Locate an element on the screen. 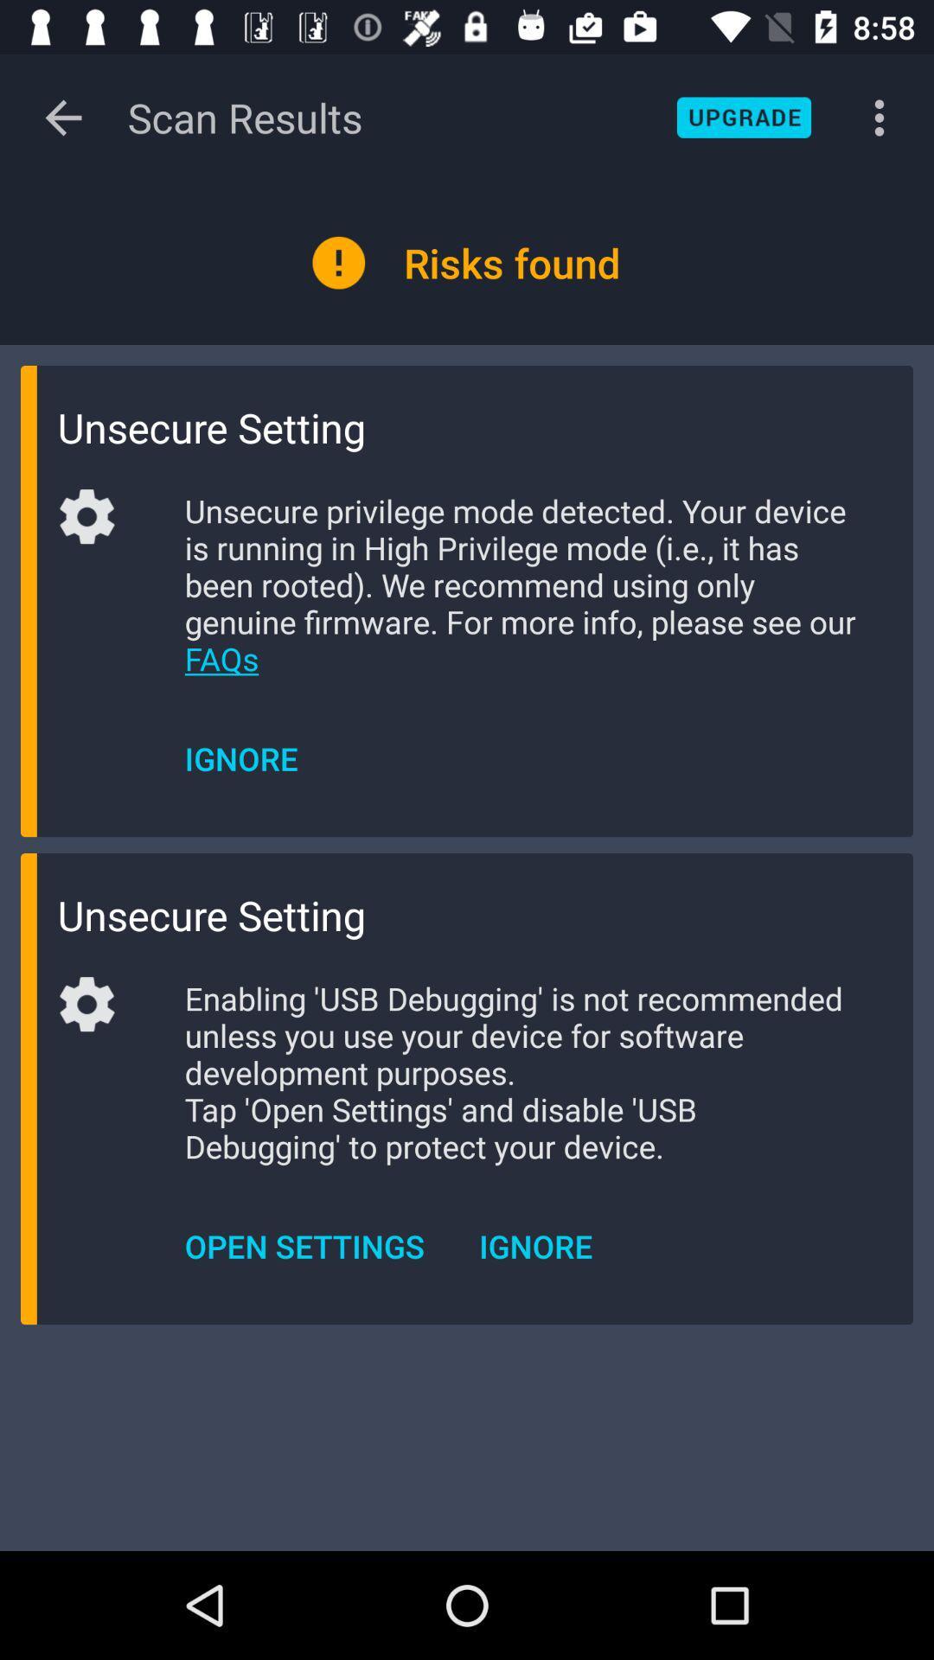  go back is located at coordinates (62, 117).